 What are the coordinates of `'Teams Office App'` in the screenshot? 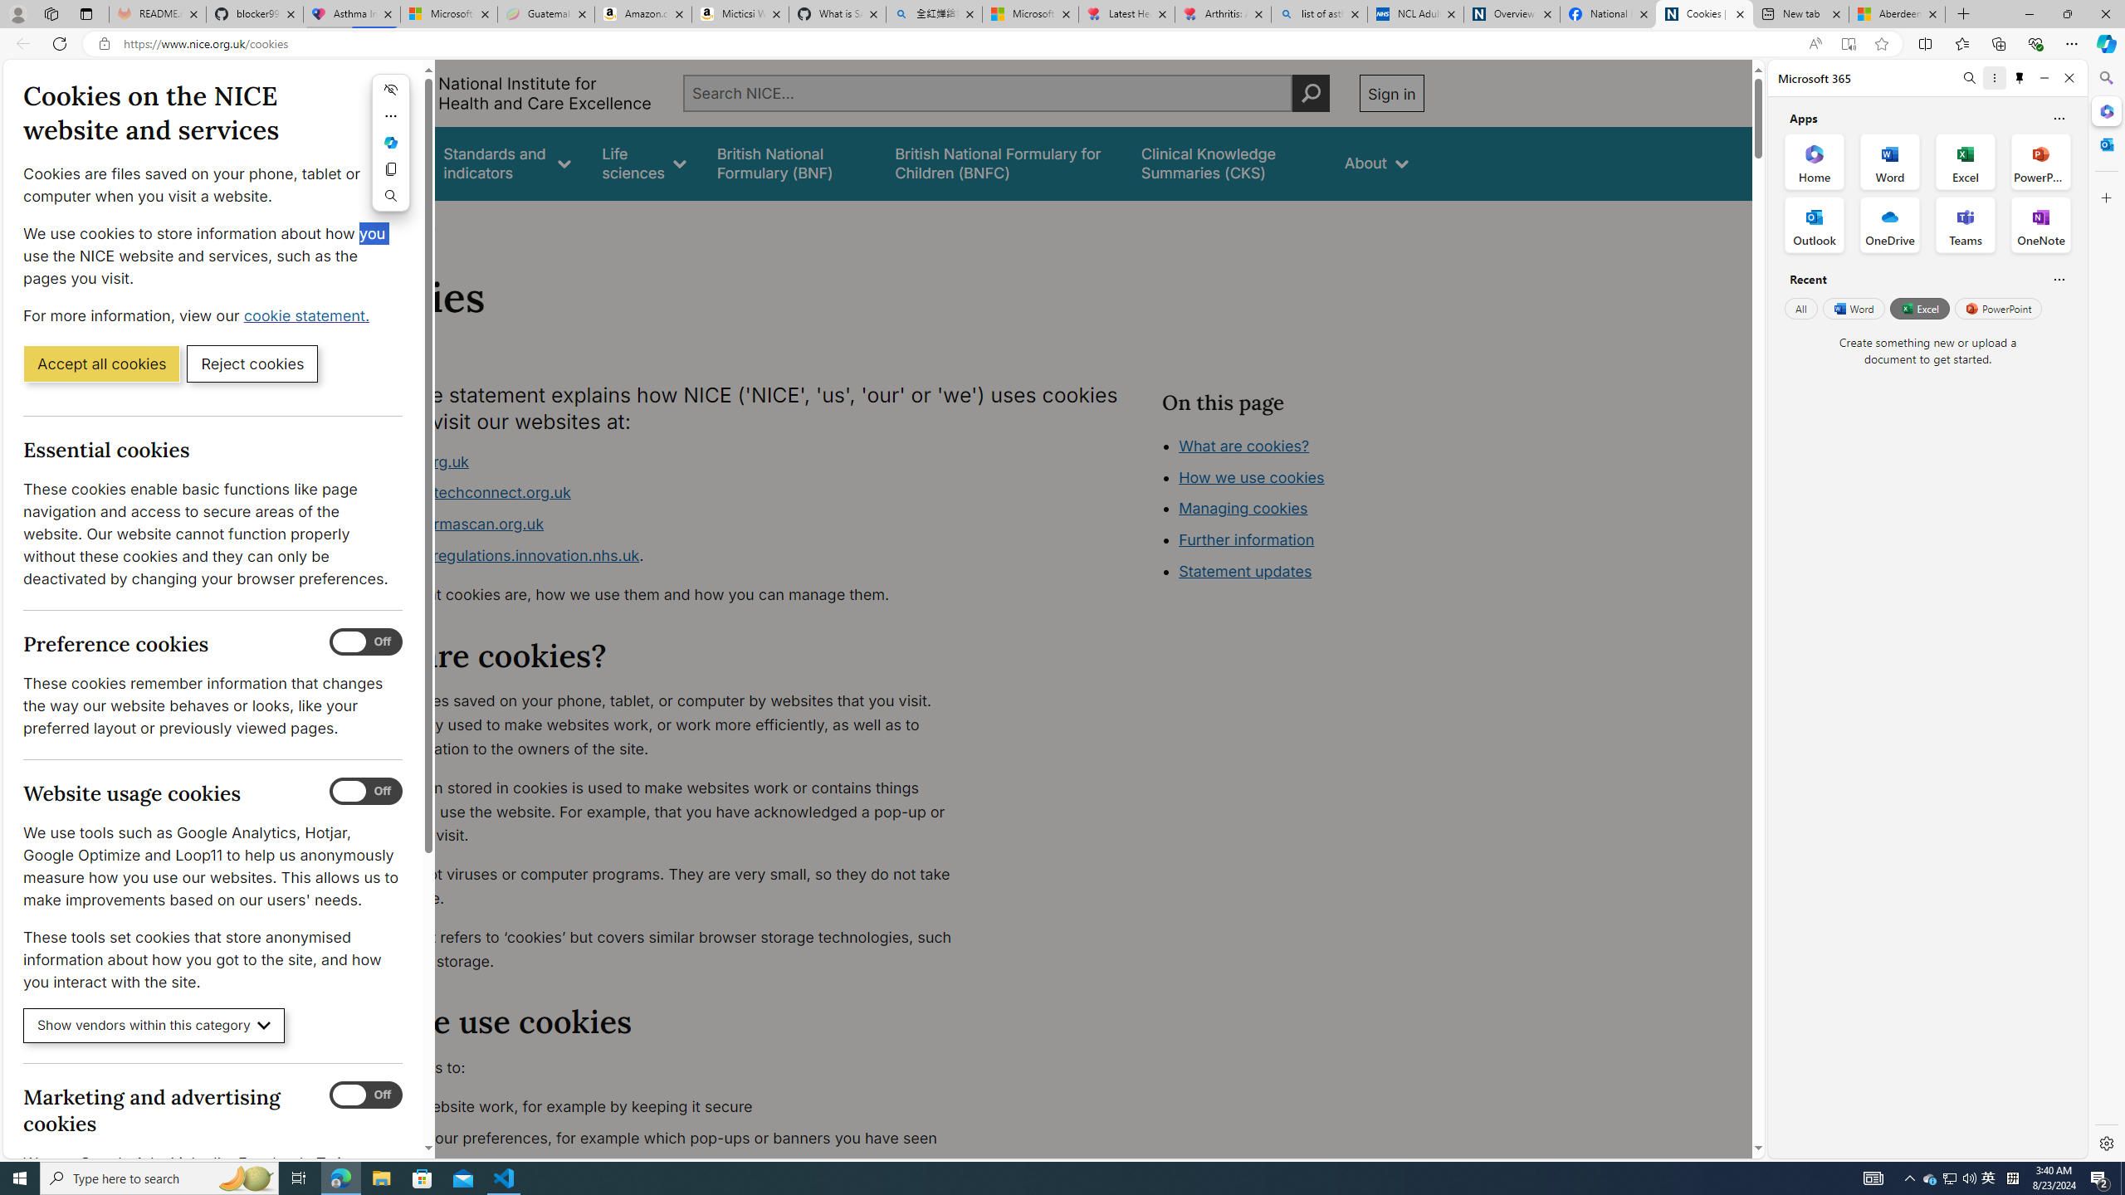 It's located at (1966, 225).